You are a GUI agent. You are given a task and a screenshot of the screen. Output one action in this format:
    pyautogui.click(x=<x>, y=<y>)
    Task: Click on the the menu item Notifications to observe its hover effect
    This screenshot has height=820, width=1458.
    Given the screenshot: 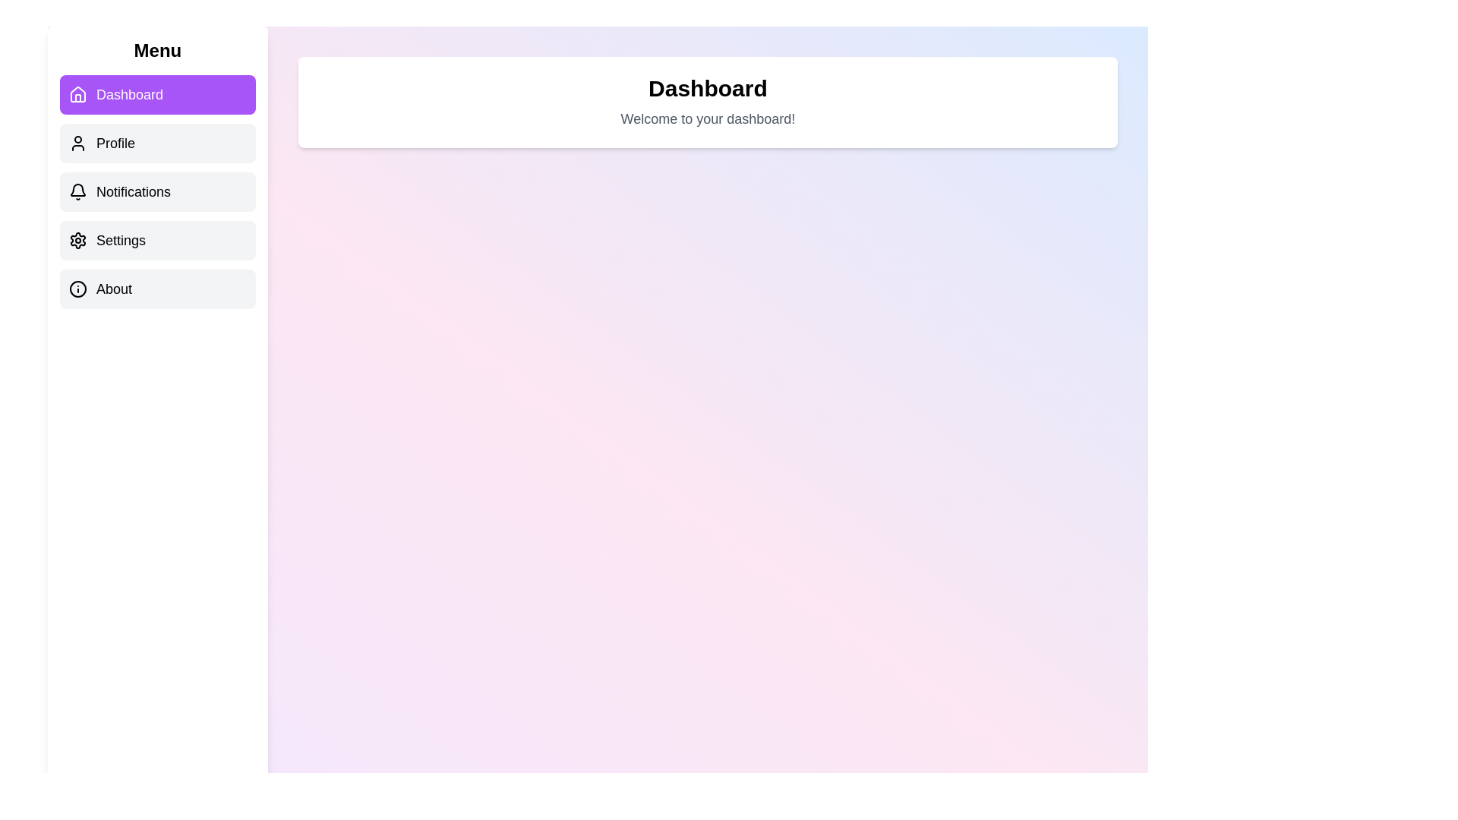 What is the action you would take?
    pyautogui.click(x=157, y=191)
    